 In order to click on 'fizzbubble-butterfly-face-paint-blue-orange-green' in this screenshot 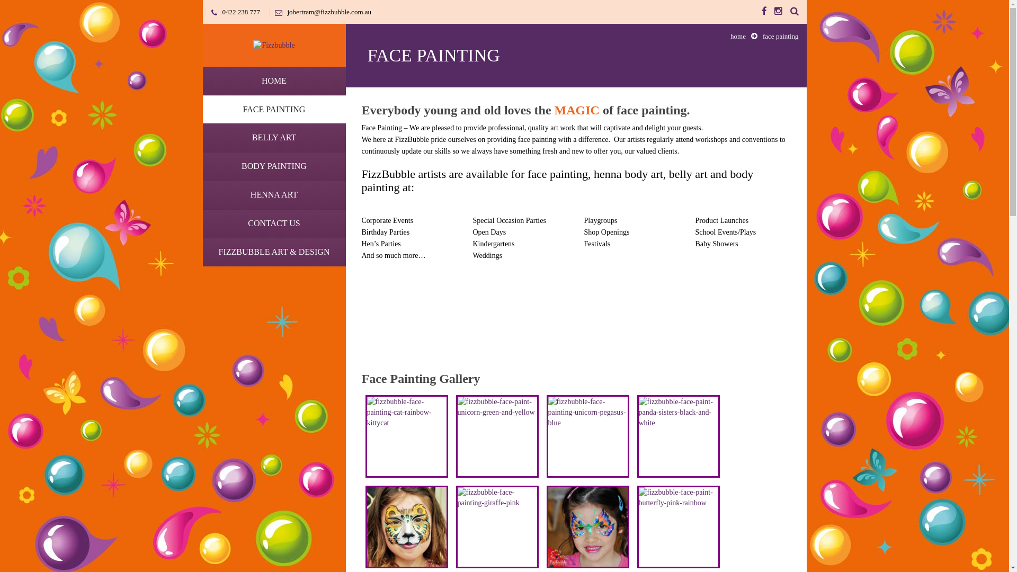, I will do `click(586, 527)`.